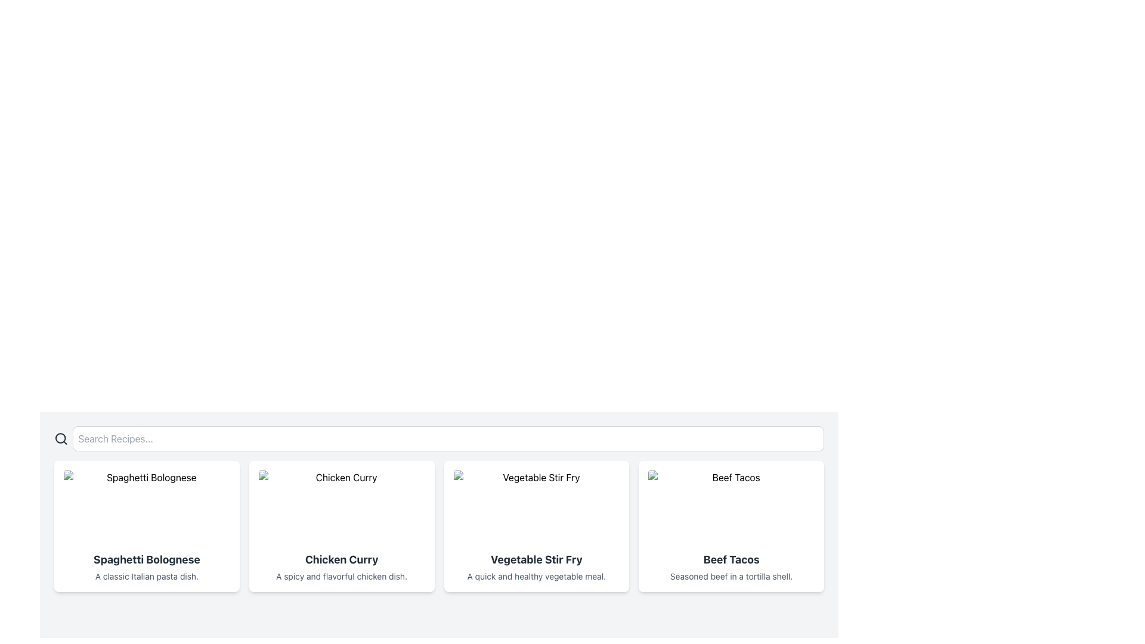 The width and height of the screenshot is (1145, 644). Describe the element at coordinates (60, 438) in the screenshot. I see `the circle element of the search icon located near the top-left corner of the search bar` at that location.